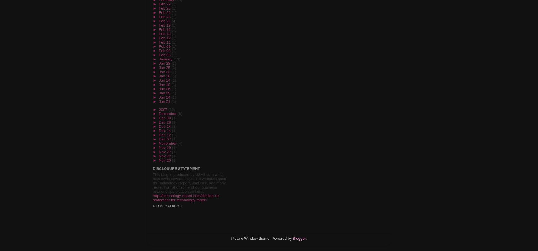  I want to click on 'Jan 22', so click(165, 72).